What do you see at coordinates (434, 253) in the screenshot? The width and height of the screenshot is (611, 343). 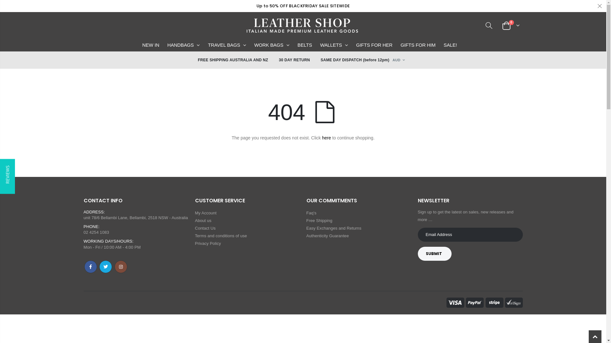 I see `'SUBMIT'` at bounding box center [434, 253].